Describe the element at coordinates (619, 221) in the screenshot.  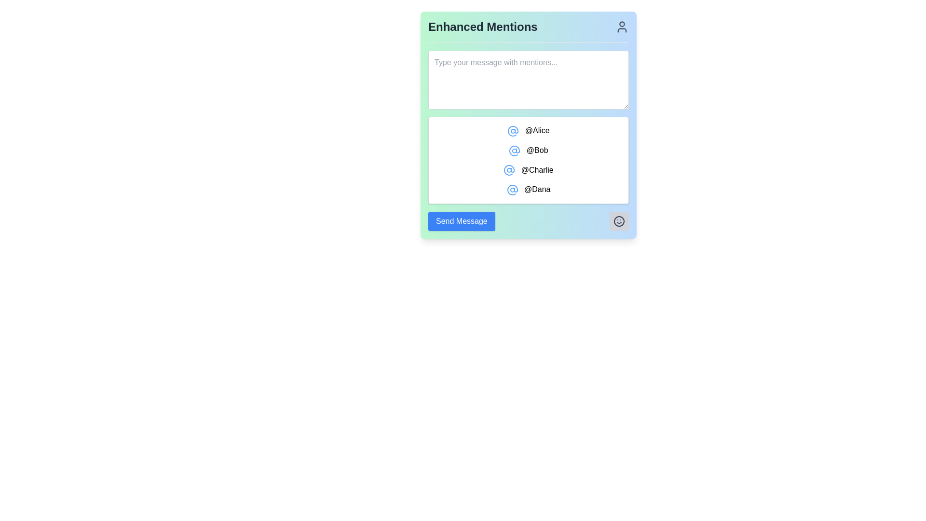
I see `the circular button with a neutral face icon located in the lower-right corner of the 'Enhanced Mentions' box` at that location.